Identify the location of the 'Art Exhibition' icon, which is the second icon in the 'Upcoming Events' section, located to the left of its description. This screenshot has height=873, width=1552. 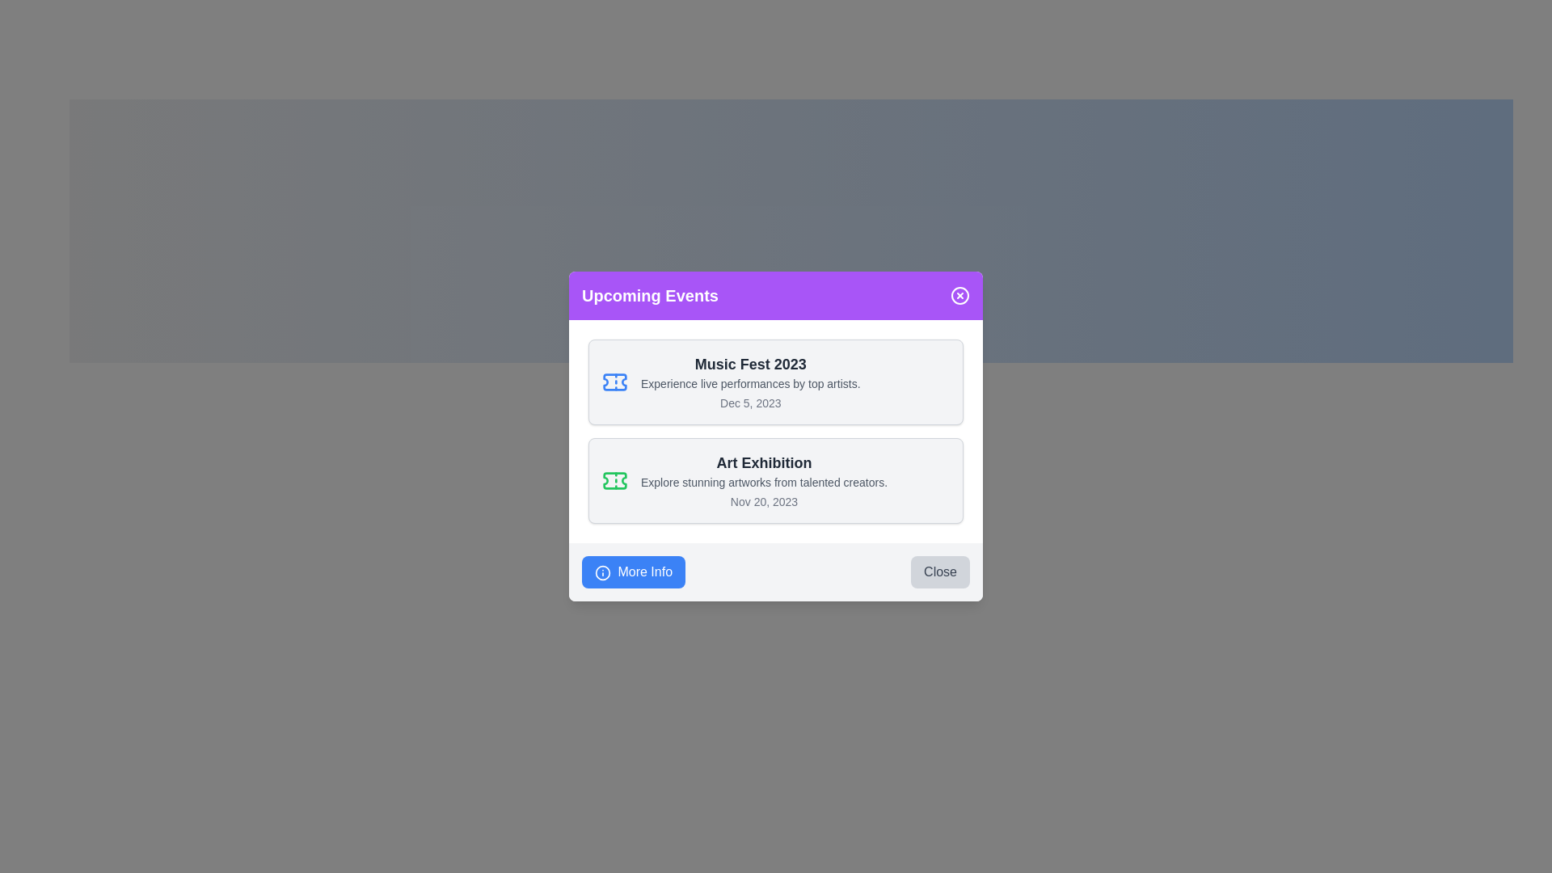
(614, 479).